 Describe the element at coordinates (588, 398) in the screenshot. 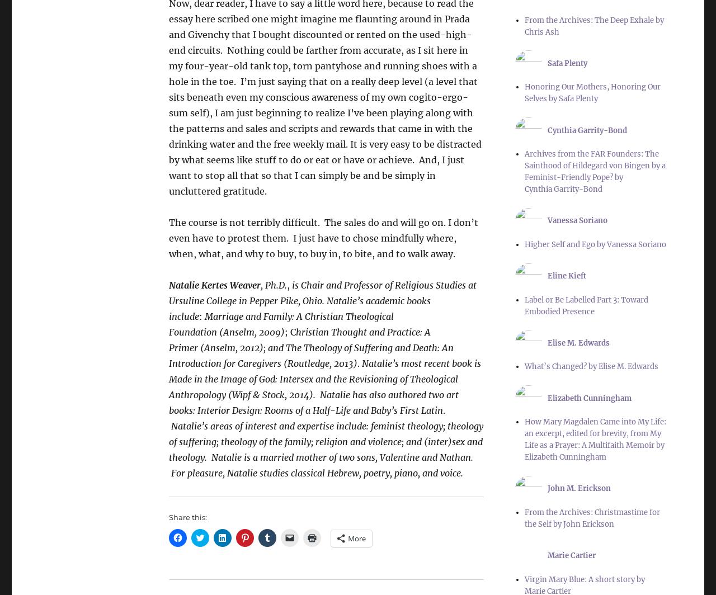

I see `'Elizabeth Cunningham'` at that location.